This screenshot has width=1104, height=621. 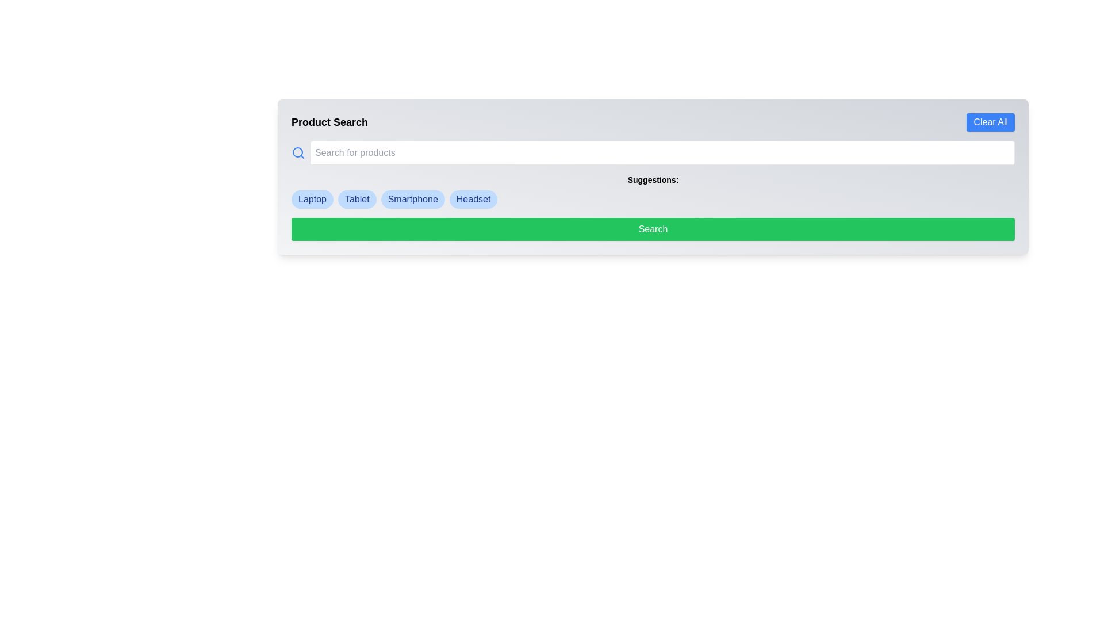 What do you see at coordinates (298, 152) in the screenshot?
I see `the blue search icon, which is a circular magnifying glass shape with a handle, located to the left of the search input box labeled 'Search for products'` at bounding box center [298, 152].